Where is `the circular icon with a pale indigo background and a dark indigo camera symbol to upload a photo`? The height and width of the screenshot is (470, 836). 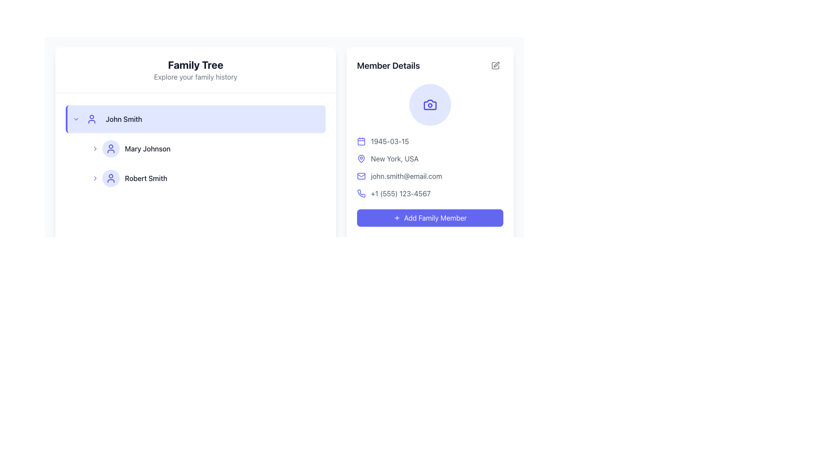
the circular icon with a pale indigo background and a dark indigo camera symbol to upload a photo is located at coordinates (430, 104).